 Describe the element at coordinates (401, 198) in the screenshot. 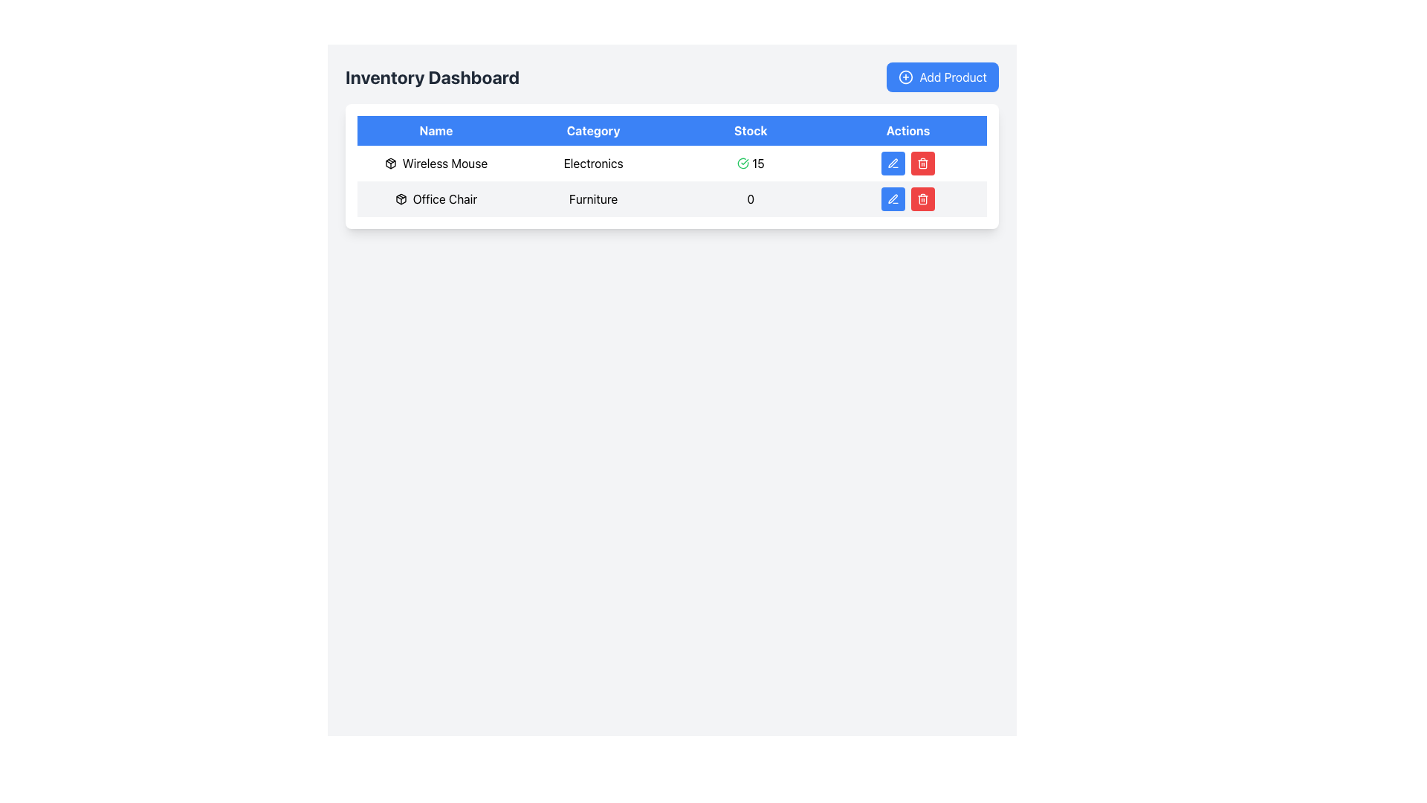

I see `the SVG icon located in the first row of the table under the 'Name' column, which is the first visible element in that cell` at that location.